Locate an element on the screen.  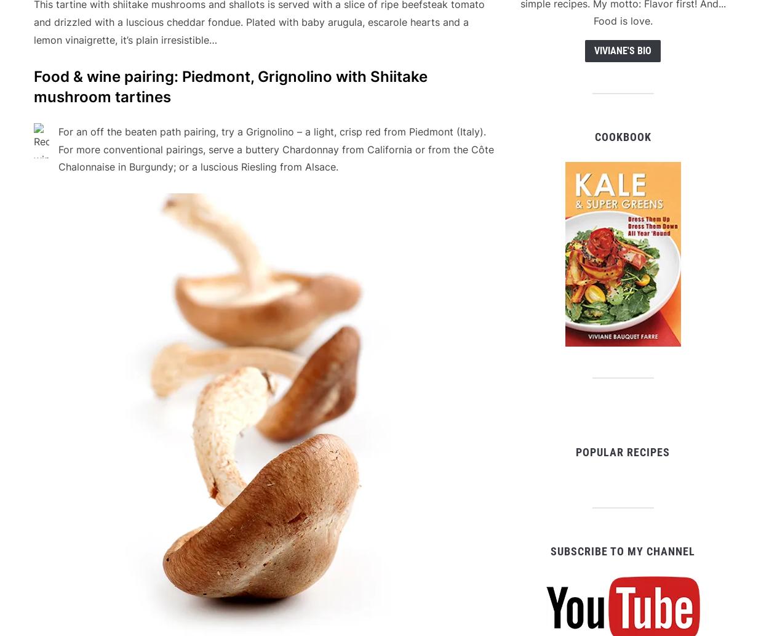
'Sauces & condiments' is located at coordinates (129, 608).